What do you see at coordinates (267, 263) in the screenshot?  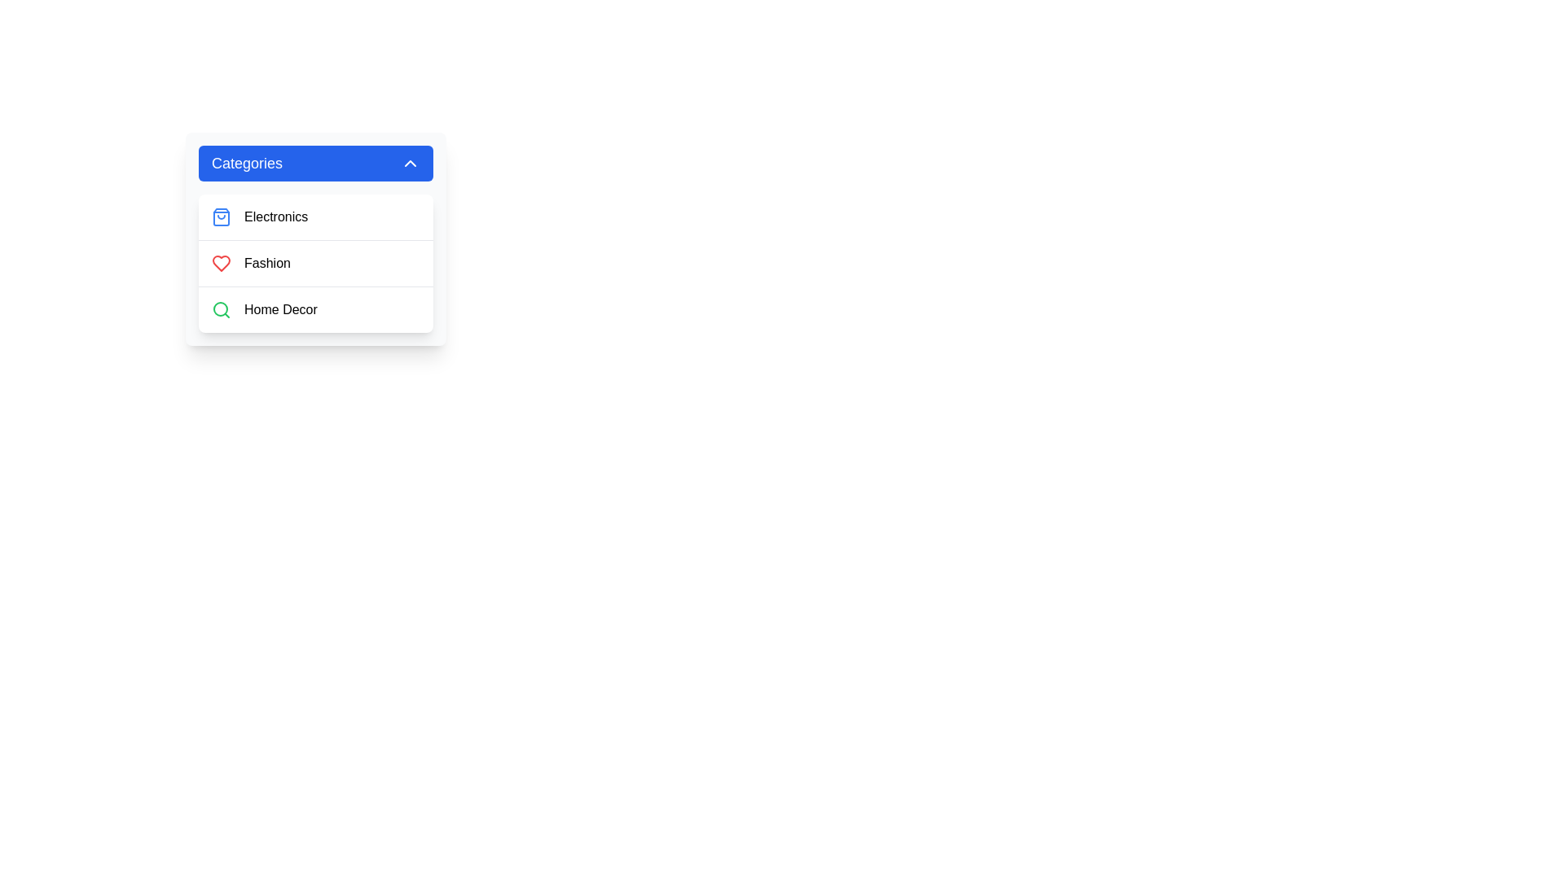 I see `the 'Fashion' category text label located below 'Electronics' and above 'Home Decor' in the list of categories` at bounding box center [267, 263].